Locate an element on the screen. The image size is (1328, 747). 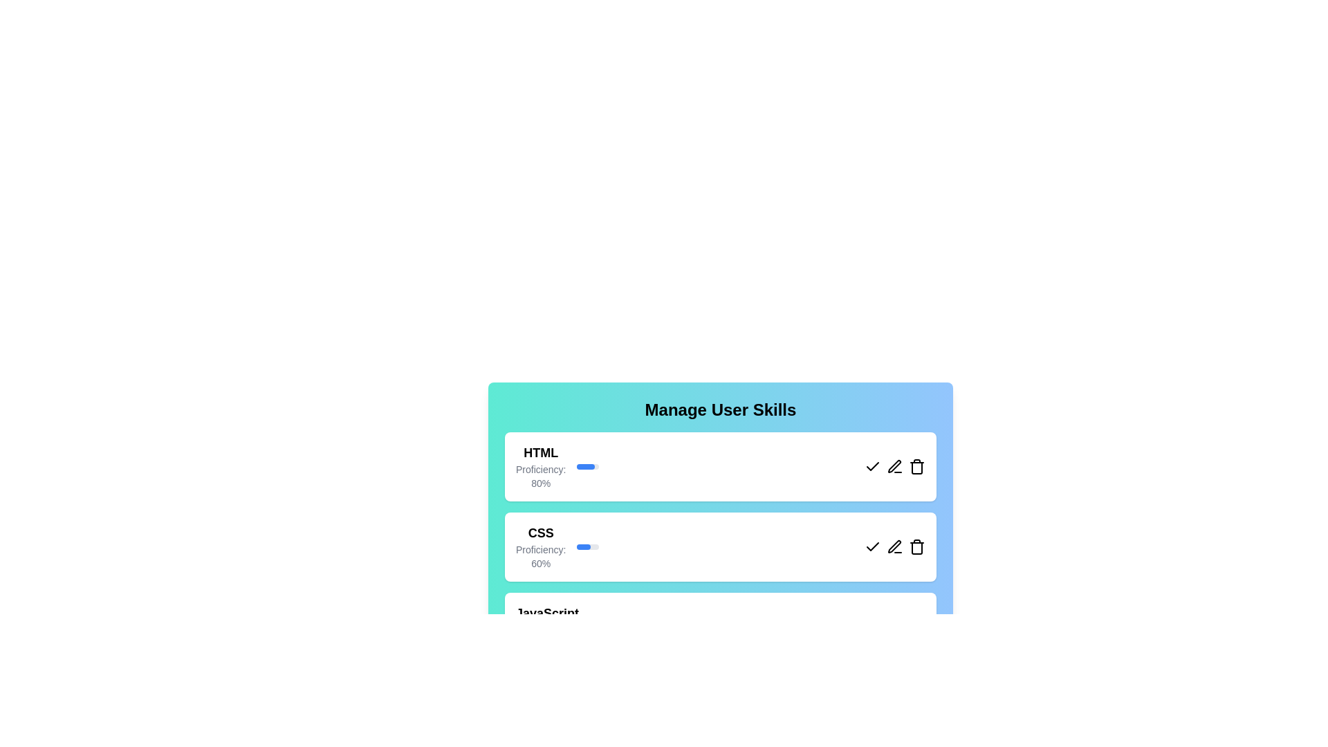
the check button for the skill CSS is located at coordinates (872, 546).